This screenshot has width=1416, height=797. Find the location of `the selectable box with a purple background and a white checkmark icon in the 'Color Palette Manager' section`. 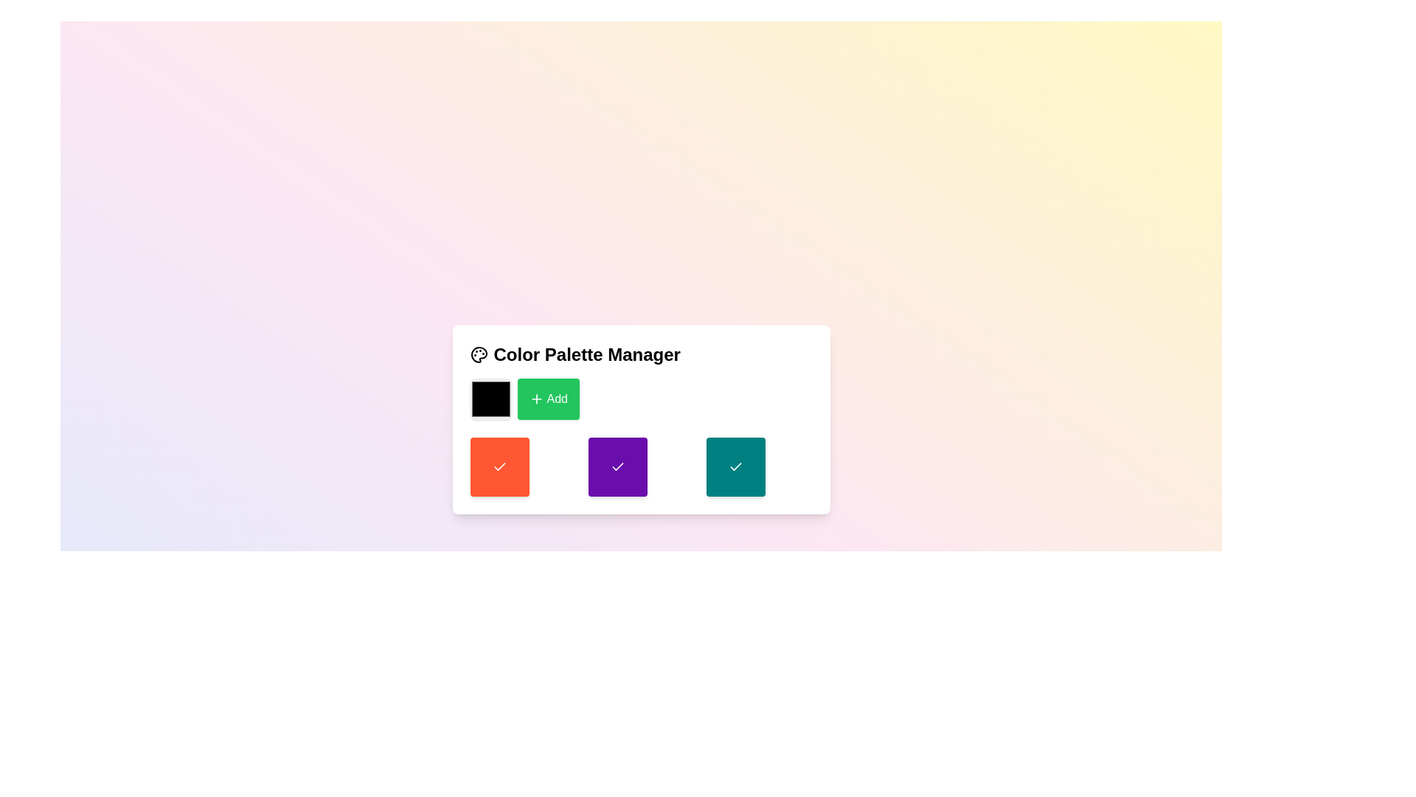

the selectable box with a purple background and a white checkmark icon in the 'Color Palette Manager' section is located at coordinates (617, 466).